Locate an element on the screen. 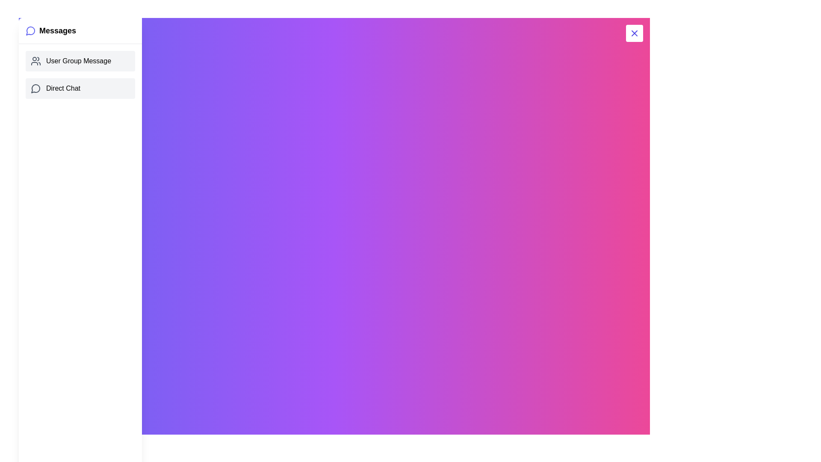 The image size is (821, 462). the Close Icon, which is an 'X' shaped icon within a small square button located at the top-right corner of the interface, to trigger its visual hover effect is located at coordinates (634, 33).